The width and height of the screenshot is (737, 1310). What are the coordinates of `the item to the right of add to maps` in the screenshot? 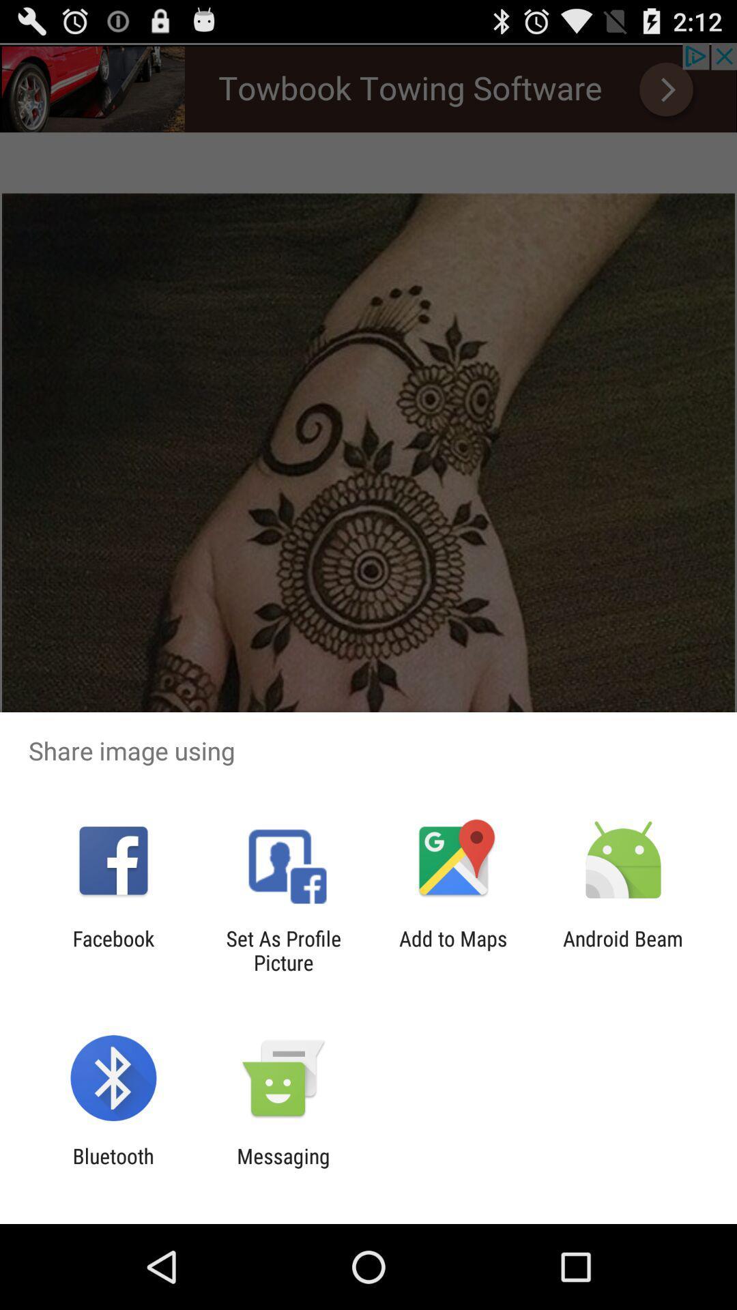 It's located at (623, 950).